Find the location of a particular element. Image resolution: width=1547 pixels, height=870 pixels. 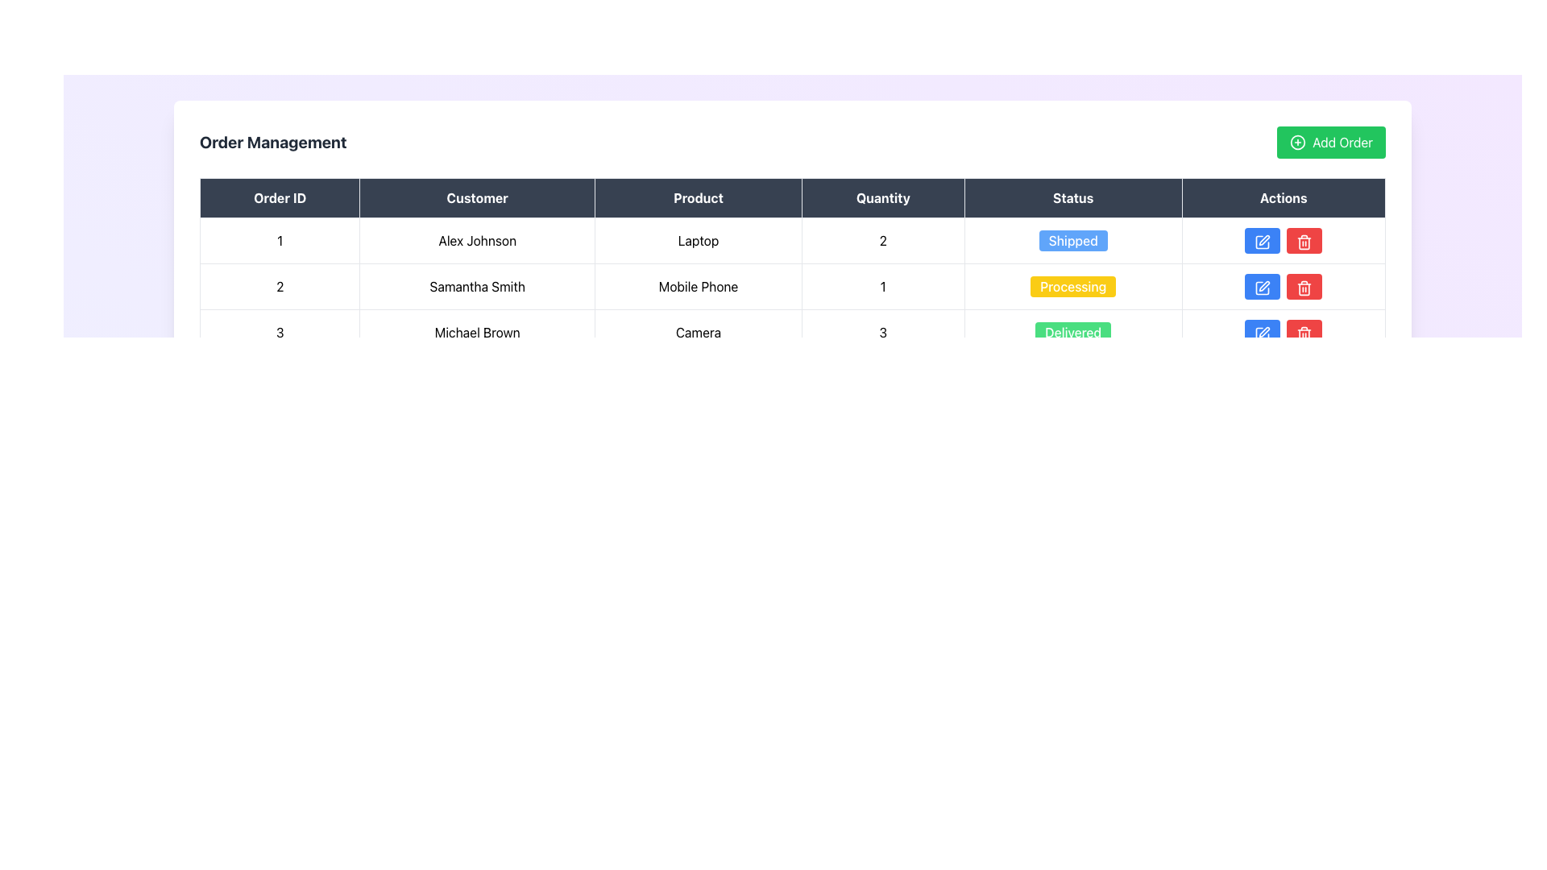

the edit button located in the 'Actions' column of the second row in the table to invoke editing functionality is located at coordinates (1261, 285).